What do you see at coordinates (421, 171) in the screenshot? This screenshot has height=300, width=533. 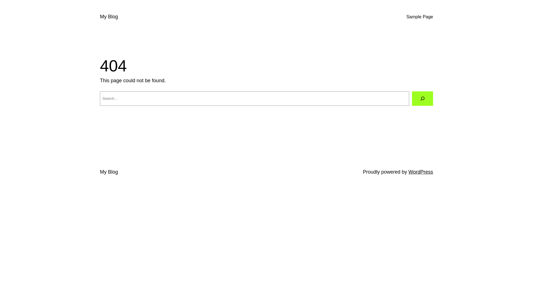 I see `'WordPress'` at bounding box center [421, 171].